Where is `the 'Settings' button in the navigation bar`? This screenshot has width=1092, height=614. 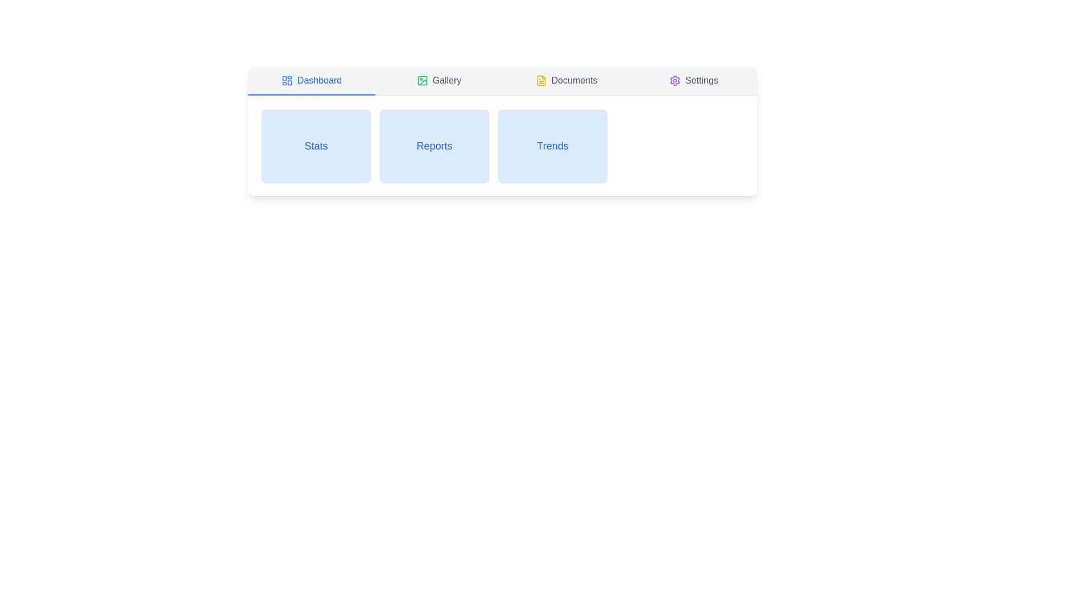
the 'Settings' button in the navigation bar is located at coordinates (693, 80).